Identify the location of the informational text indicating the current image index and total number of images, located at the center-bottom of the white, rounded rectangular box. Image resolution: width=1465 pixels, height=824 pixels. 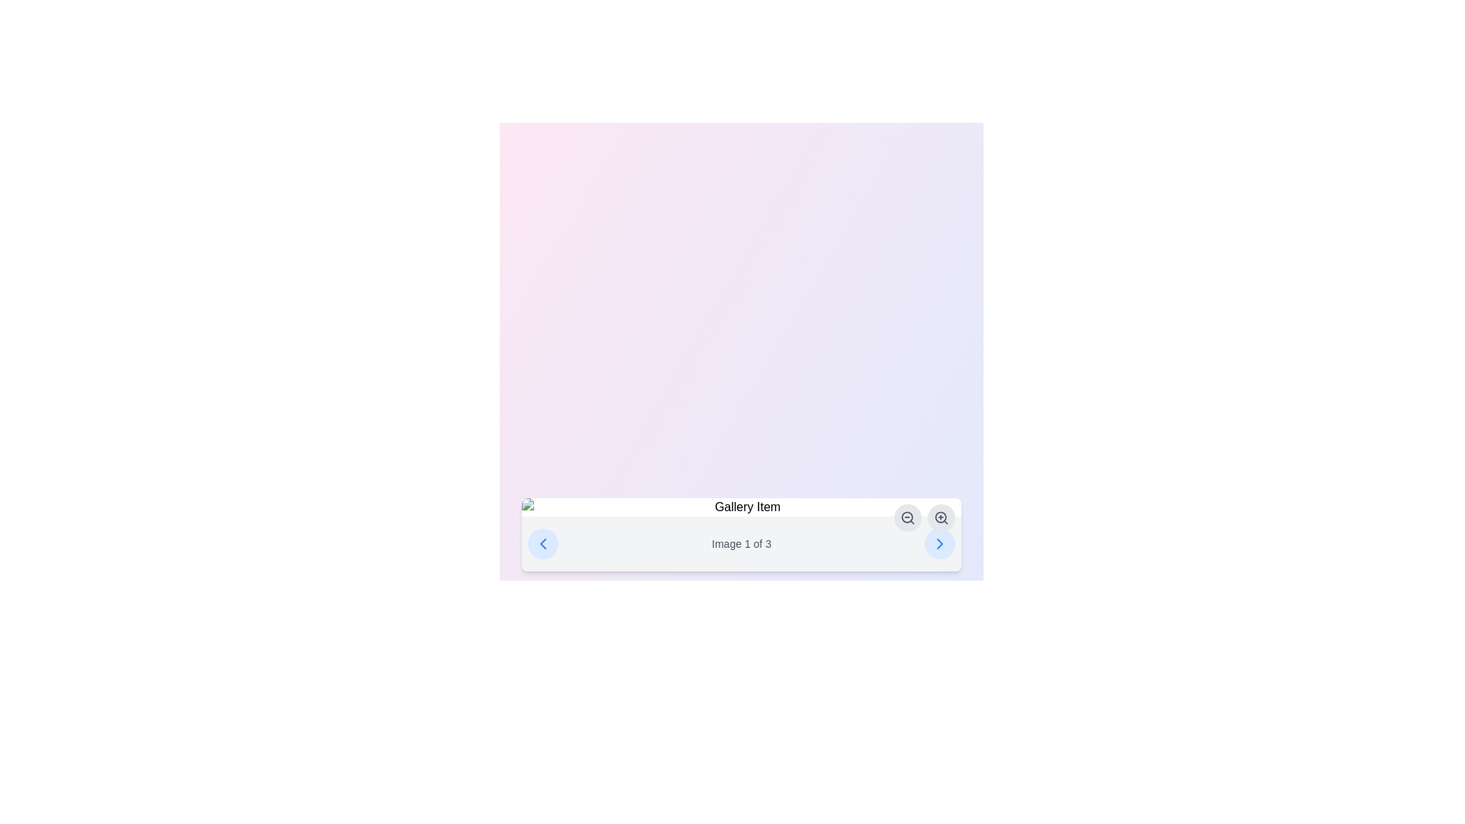
(741, 534).